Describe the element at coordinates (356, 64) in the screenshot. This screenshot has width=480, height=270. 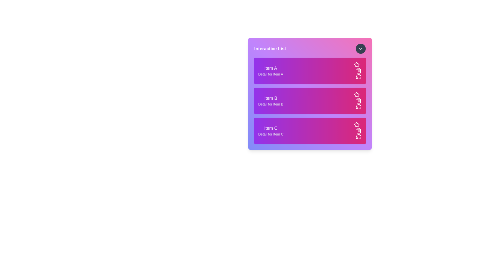
I see `the star icon for Item A to mark it as favorite` at that location.